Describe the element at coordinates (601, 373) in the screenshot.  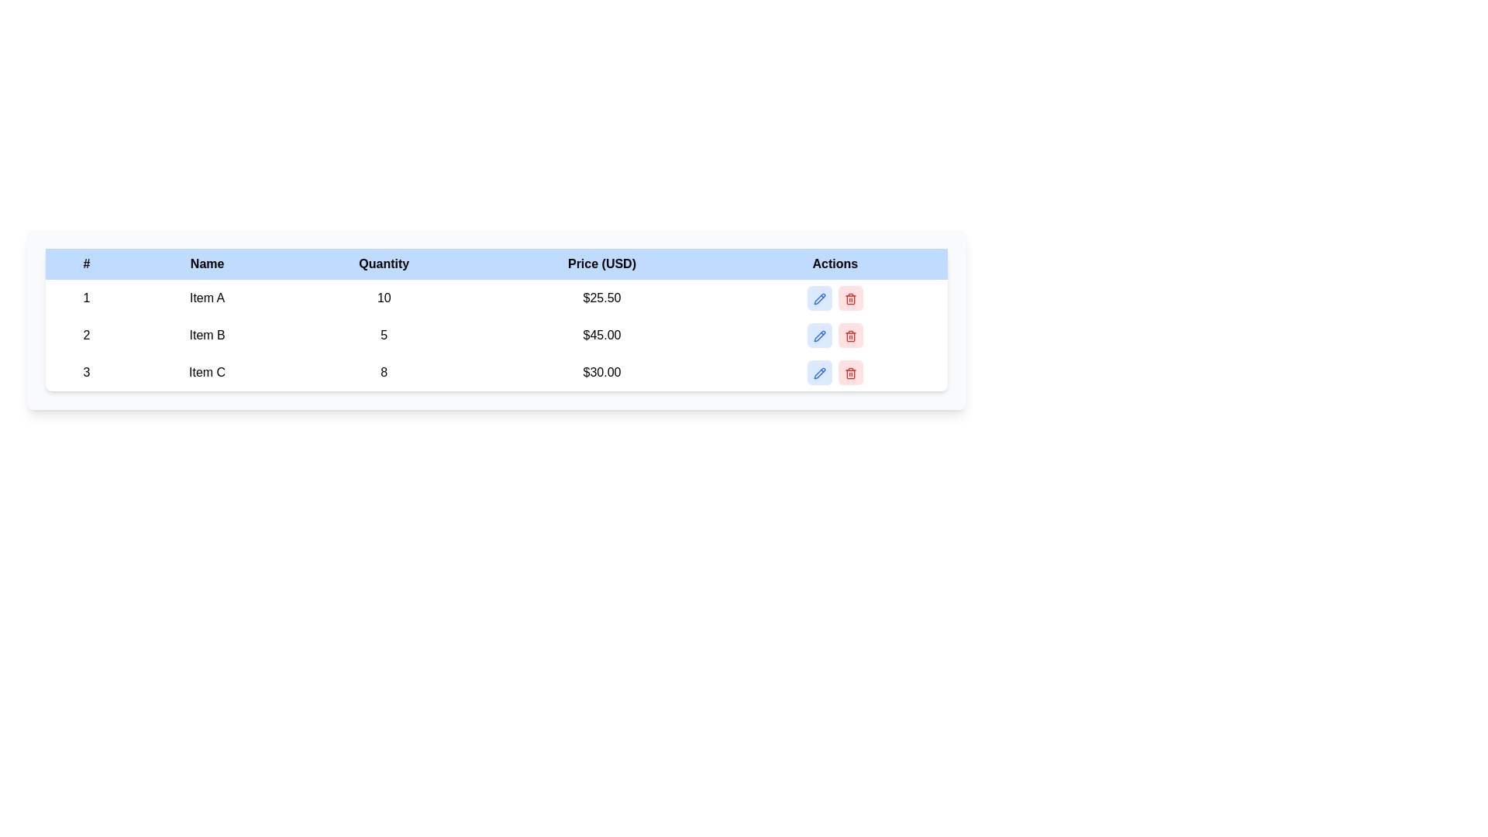
I see `the text label displaying '$30.00' in bold font, located in the fourth cell of the table row for 'Item C', under the 'Price' column` at that location.